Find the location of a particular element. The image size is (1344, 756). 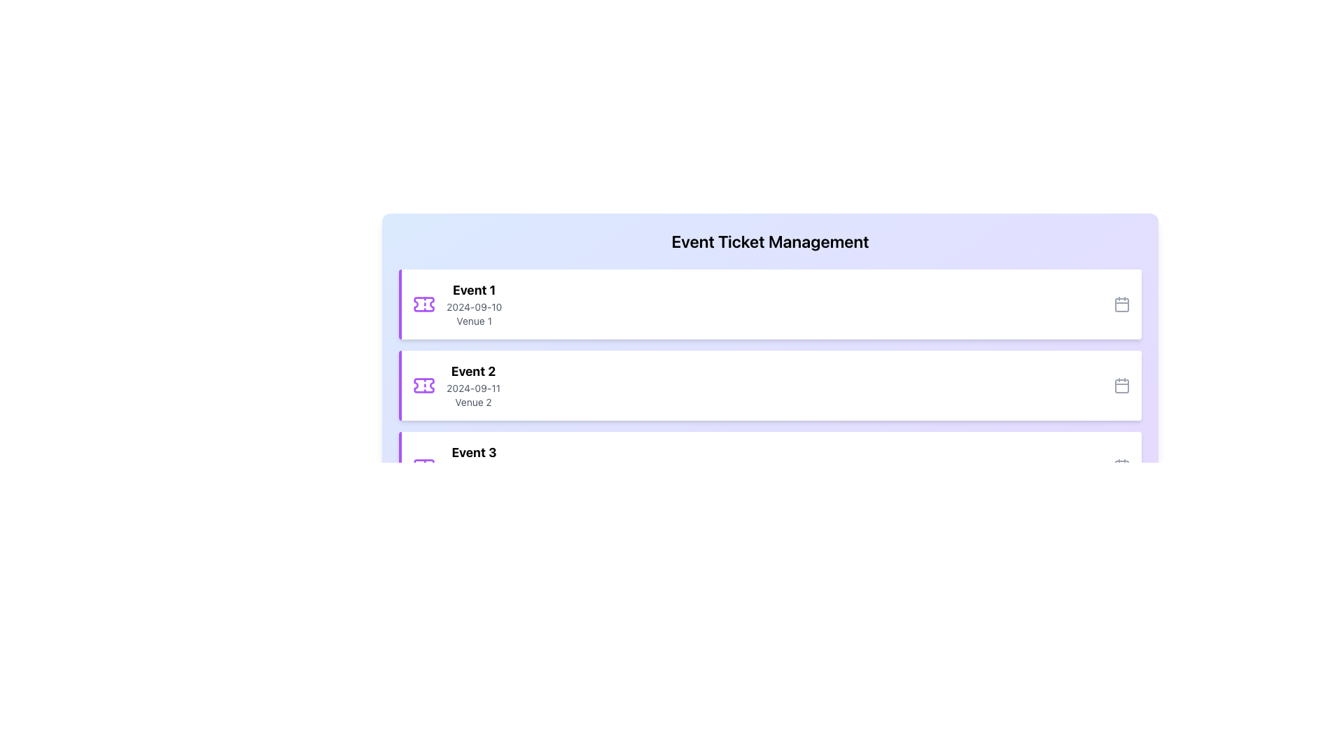

the Text Label displaying the date for 'Event 2', which is positioned below the 'Event 2' title and above 'Venue 2' is located at coordinates (473, 388).